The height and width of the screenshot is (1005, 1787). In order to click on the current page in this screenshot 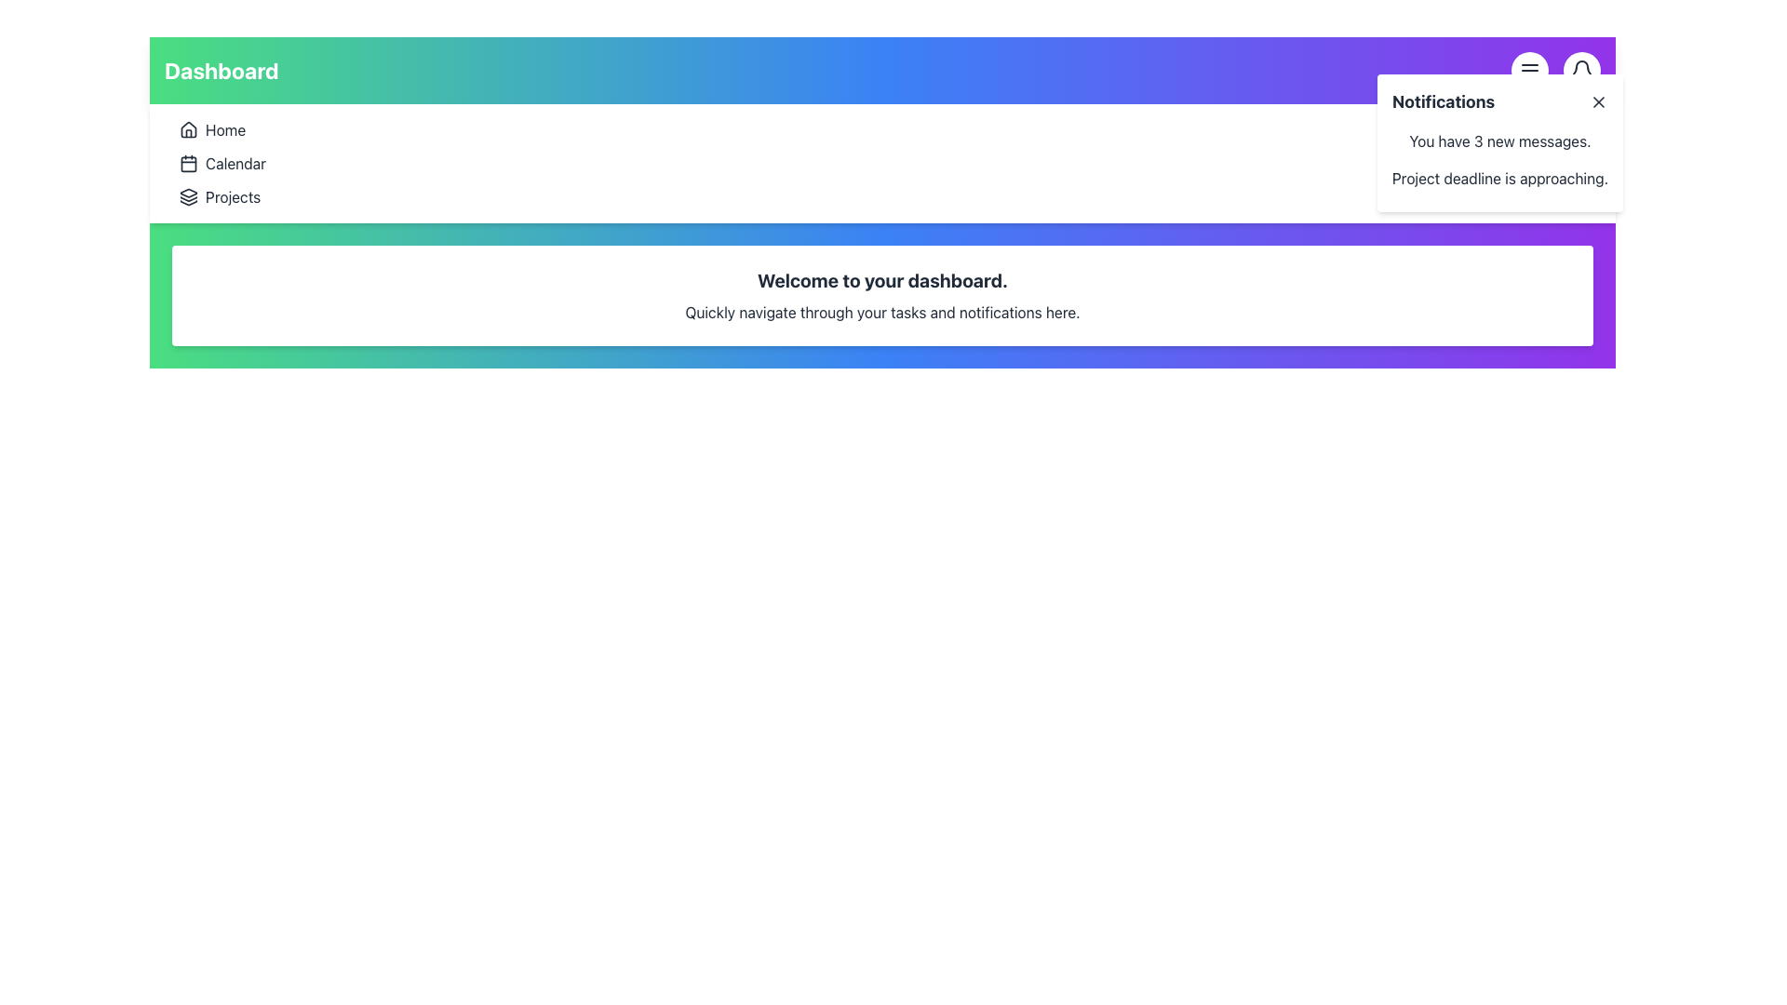, I will do `click(222, 70)`.